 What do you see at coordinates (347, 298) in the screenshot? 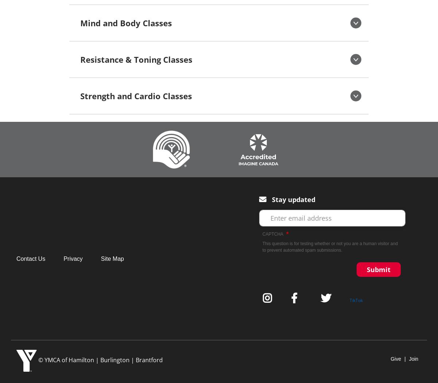
I see `'Twitter'` at bounding box center [347, 298].